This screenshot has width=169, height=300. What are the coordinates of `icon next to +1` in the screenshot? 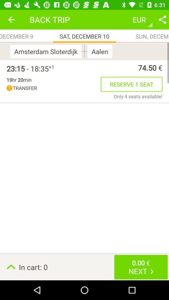 It's located at (27, 68).